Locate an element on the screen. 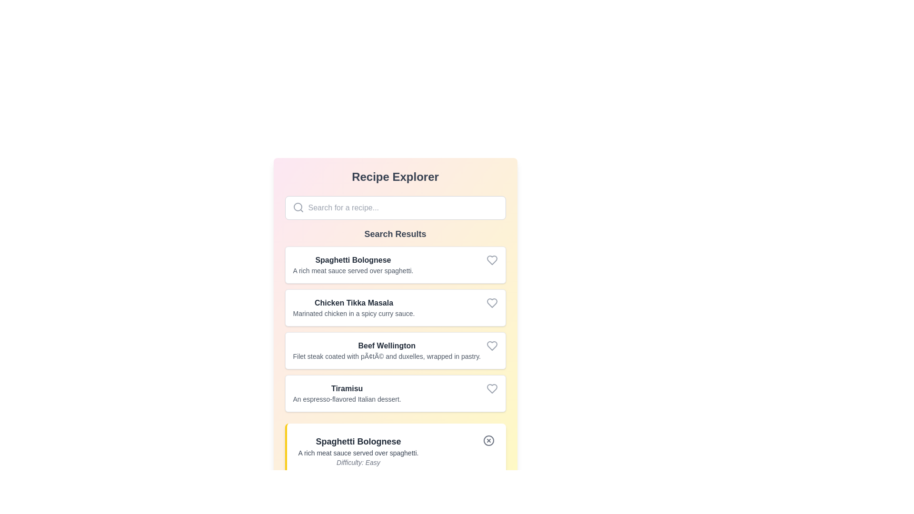  information displayed on the 'Spaghetti Bolognese' recipe card, which is the fifth card in the vertically stacked list within the 'Recipe Explorer' panel is located at coordinates (395, 451).